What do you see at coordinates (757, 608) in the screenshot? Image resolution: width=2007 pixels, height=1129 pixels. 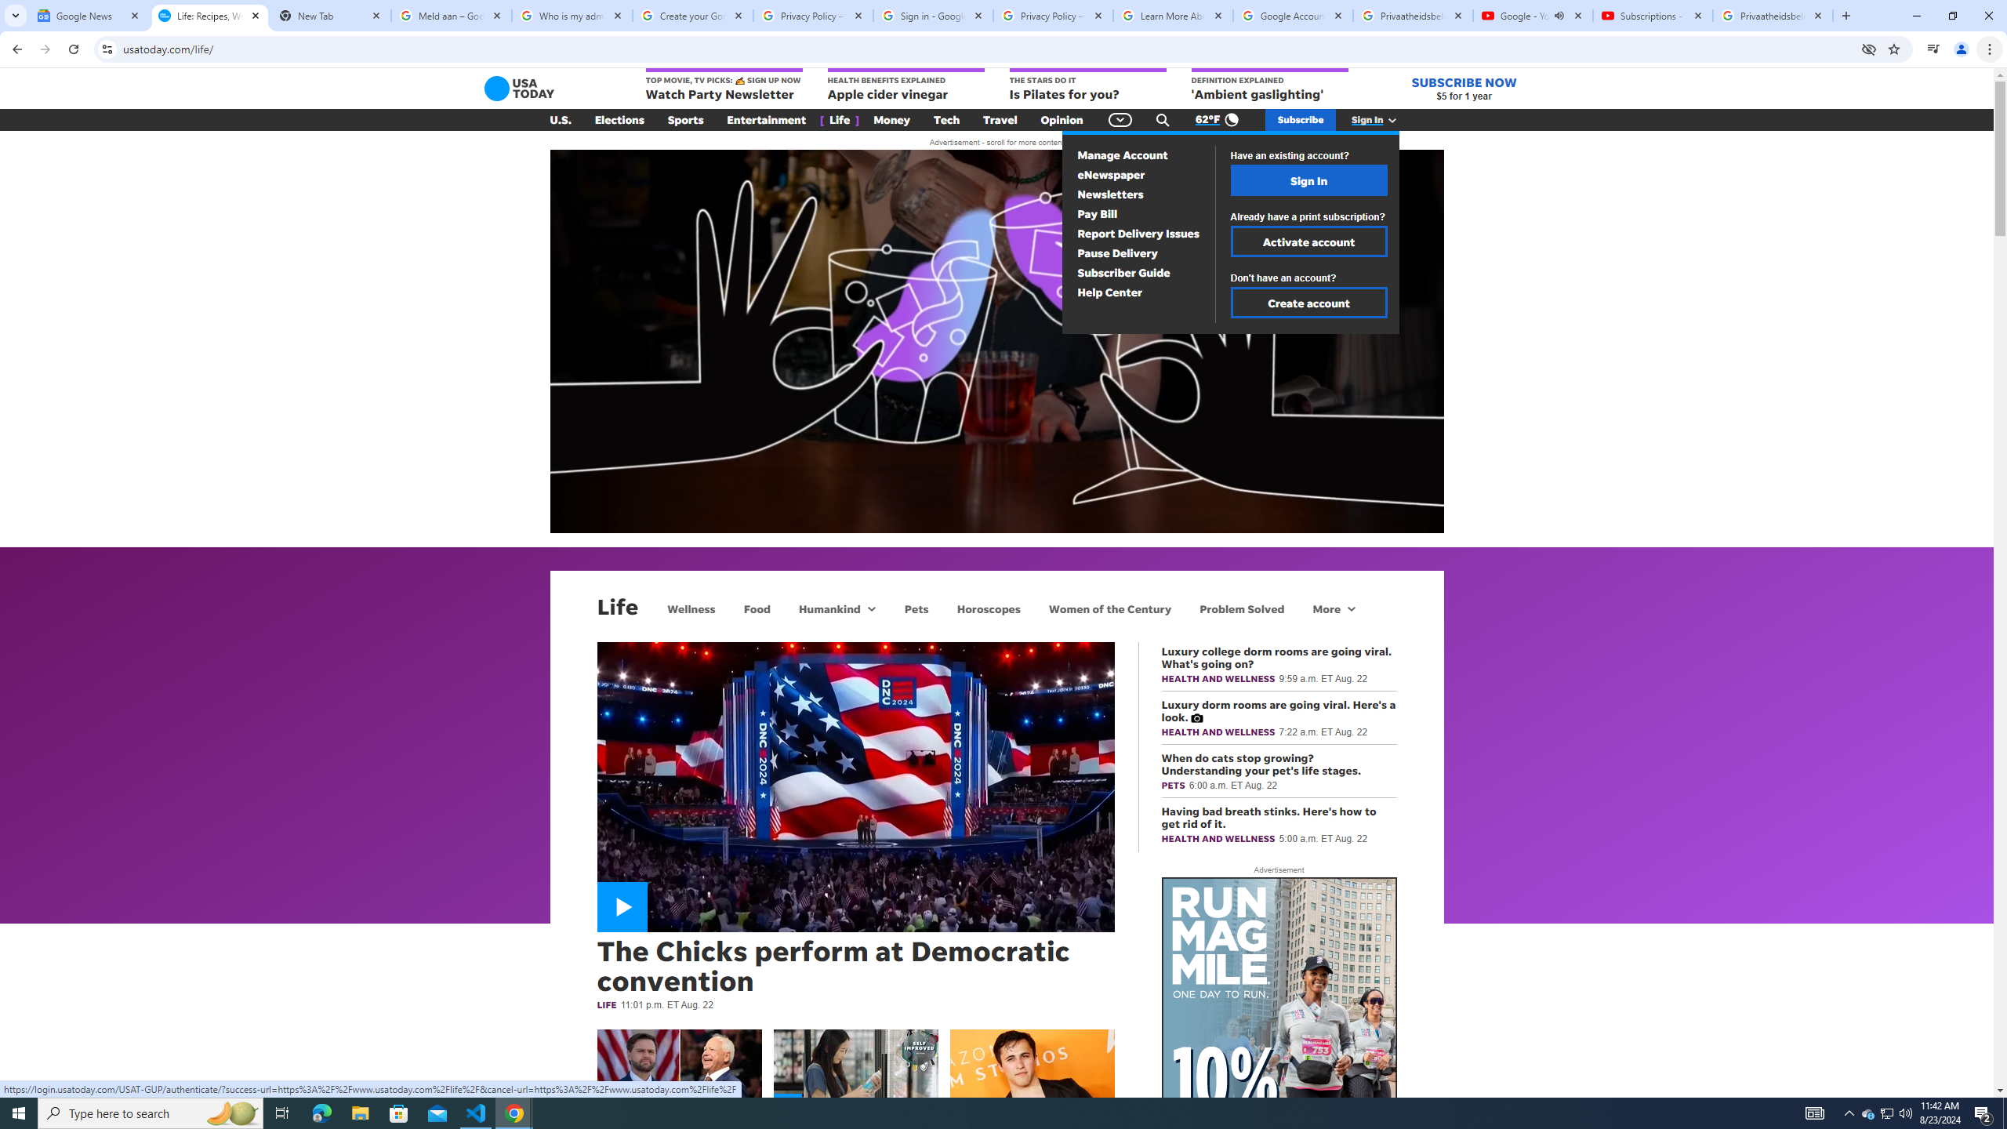 I see `'Food'` at bounding box center [757, 608].